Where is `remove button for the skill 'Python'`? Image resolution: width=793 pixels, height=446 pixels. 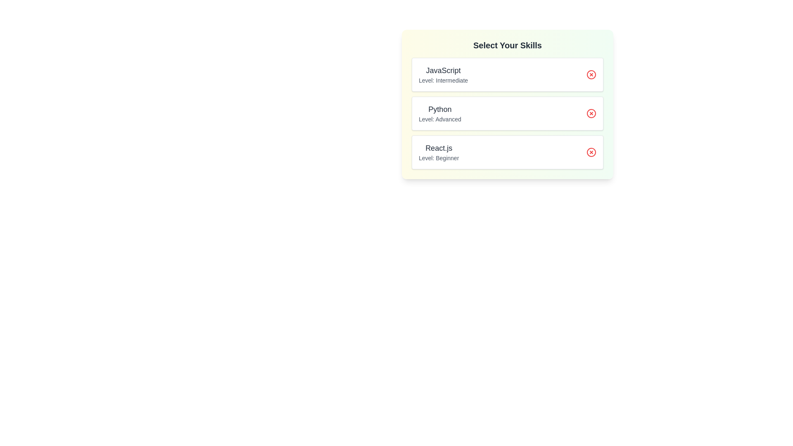
remove button for the skill 'Python' is located at coordinates (591, 113).